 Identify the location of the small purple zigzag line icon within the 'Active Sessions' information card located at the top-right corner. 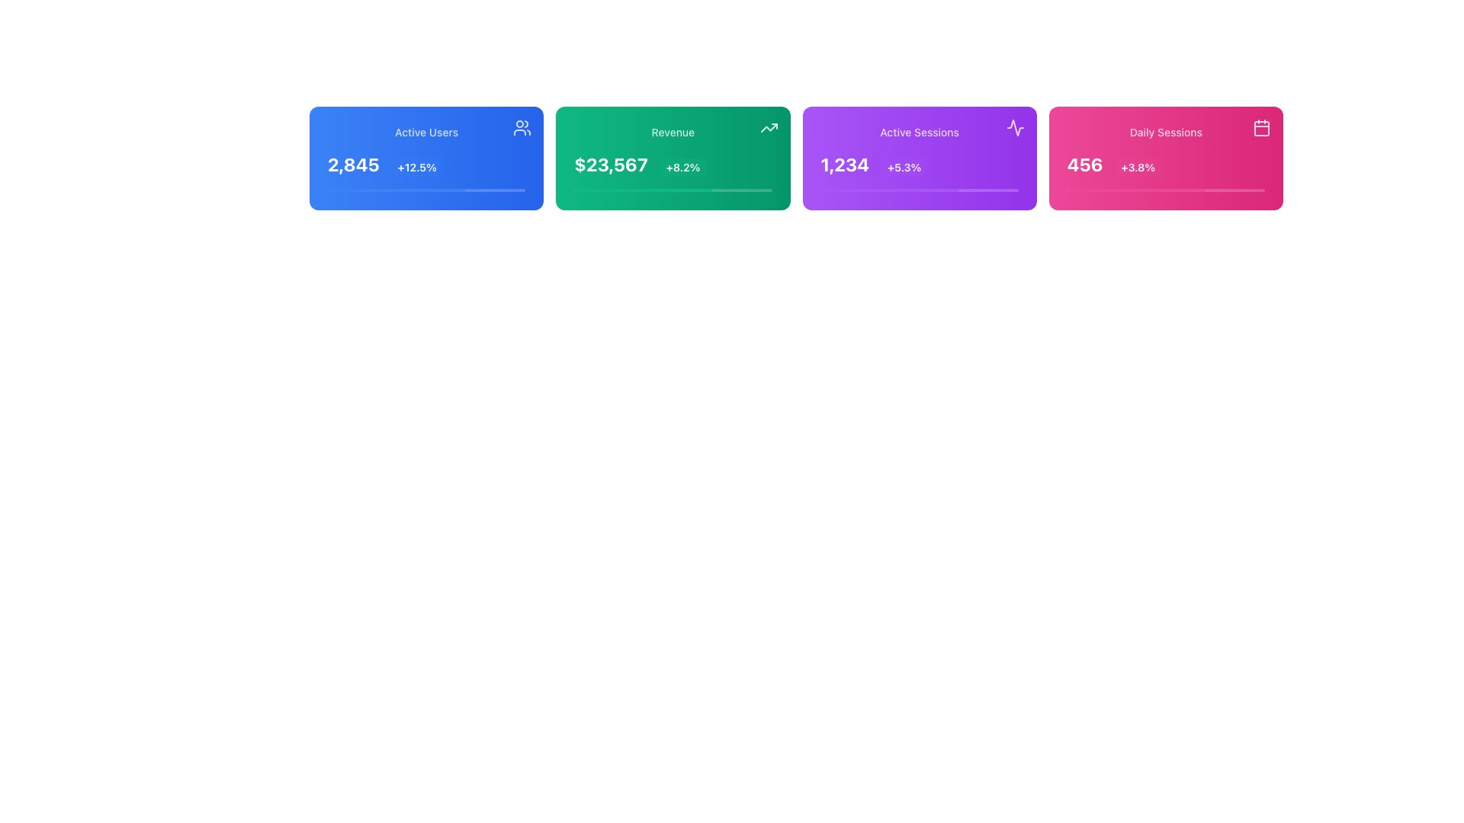
(1015, 127).